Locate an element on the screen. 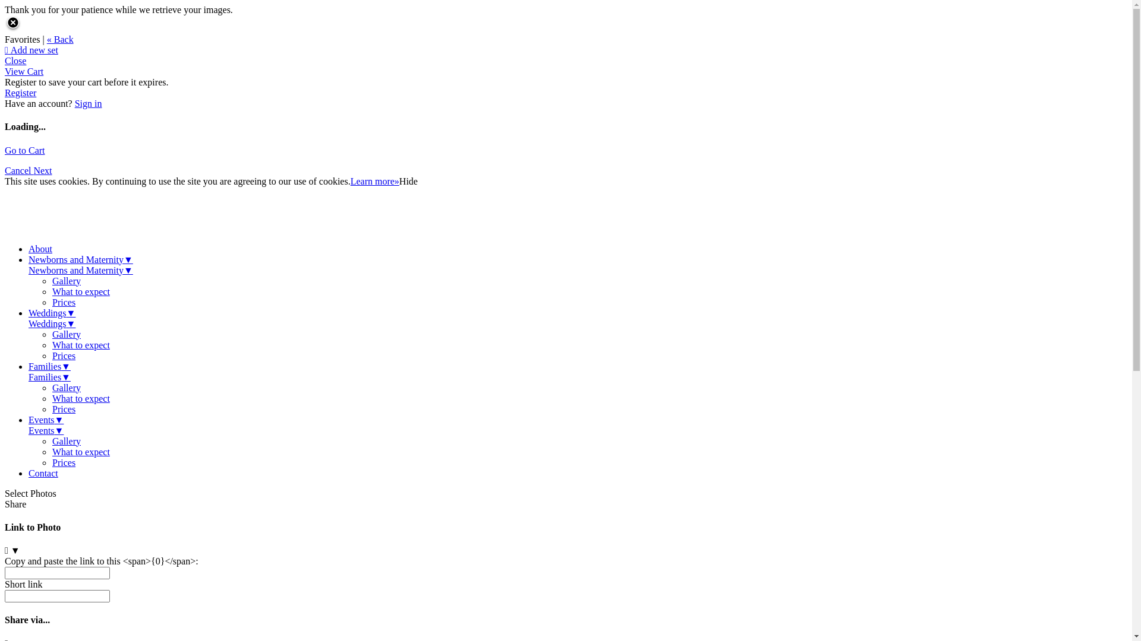 The height and width of the screenshot is (641, 1141). 'Next' is located at coordinates (42, 170).